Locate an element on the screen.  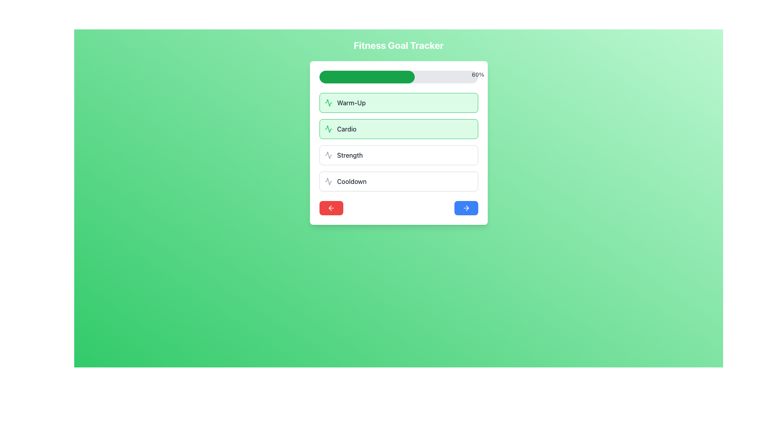
the text label that displays the completion percentage of the progress bar, located centrally above the progress bar is located at coordinates (477, 75).